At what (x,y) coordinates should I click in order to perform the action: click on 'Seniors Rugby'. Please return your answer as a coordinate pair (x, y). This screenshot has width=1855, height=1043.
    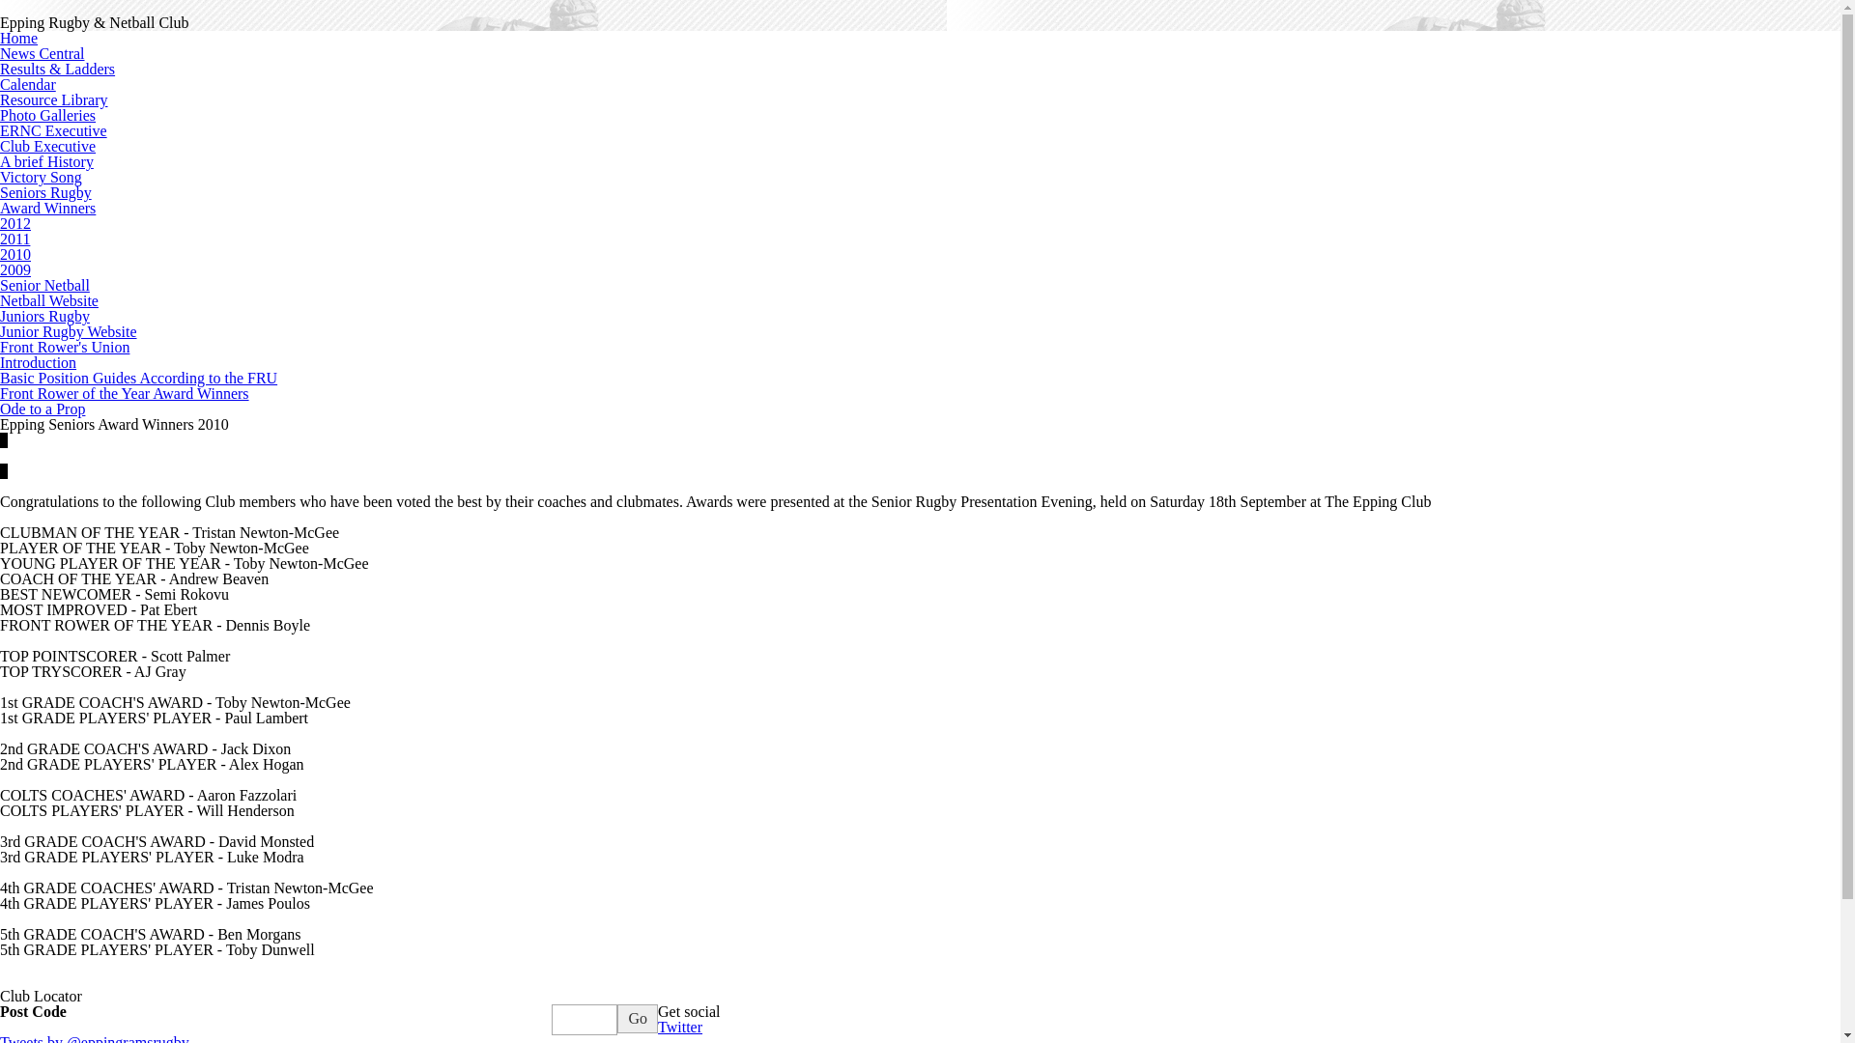
    Looking at the image, I should click on (45, 192).